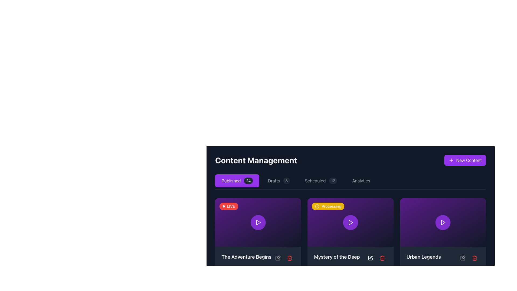 The height and width of the screenshot is (291, 517). Describe the element at coordinates (337, 257) in the screenshot. I see `the Text Label displaying 'Mystery of the Deep', which is located in the second card under the 'Published' section, aligned bottom-center above edit and delete icons` at that location.